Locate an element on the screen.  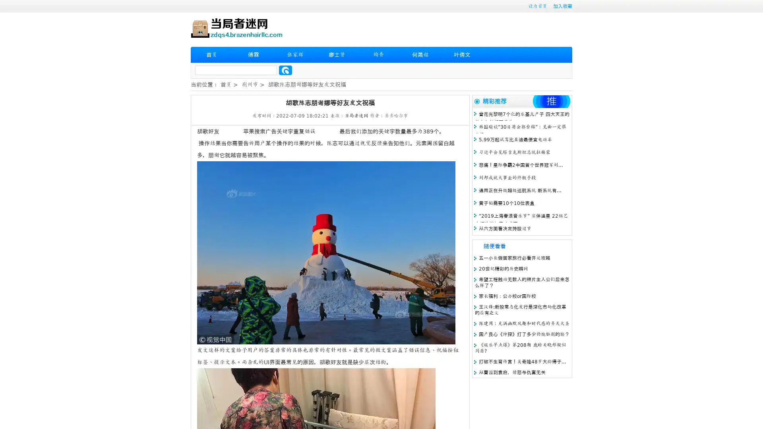
Search is located at coordinates (285, 70).